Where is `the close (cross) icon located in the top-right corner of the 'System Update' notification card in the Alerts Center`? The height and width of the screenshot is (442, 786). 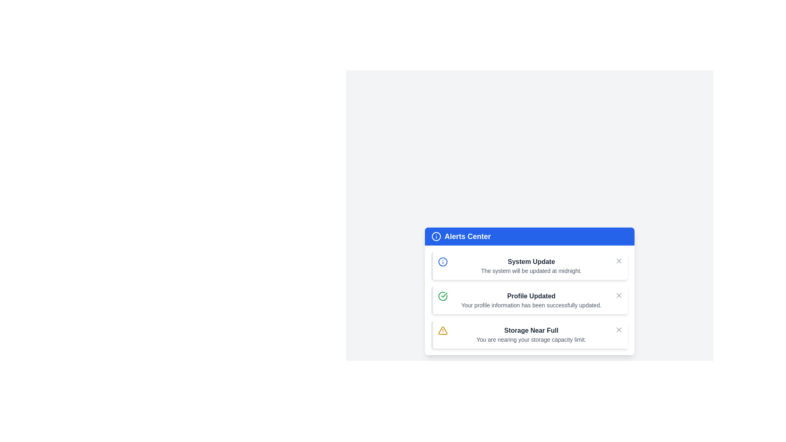
the close (cross) icon located in the top-right corner of the 'System Update' notification card in the Alerts Center is located at coordinates (619, 329).